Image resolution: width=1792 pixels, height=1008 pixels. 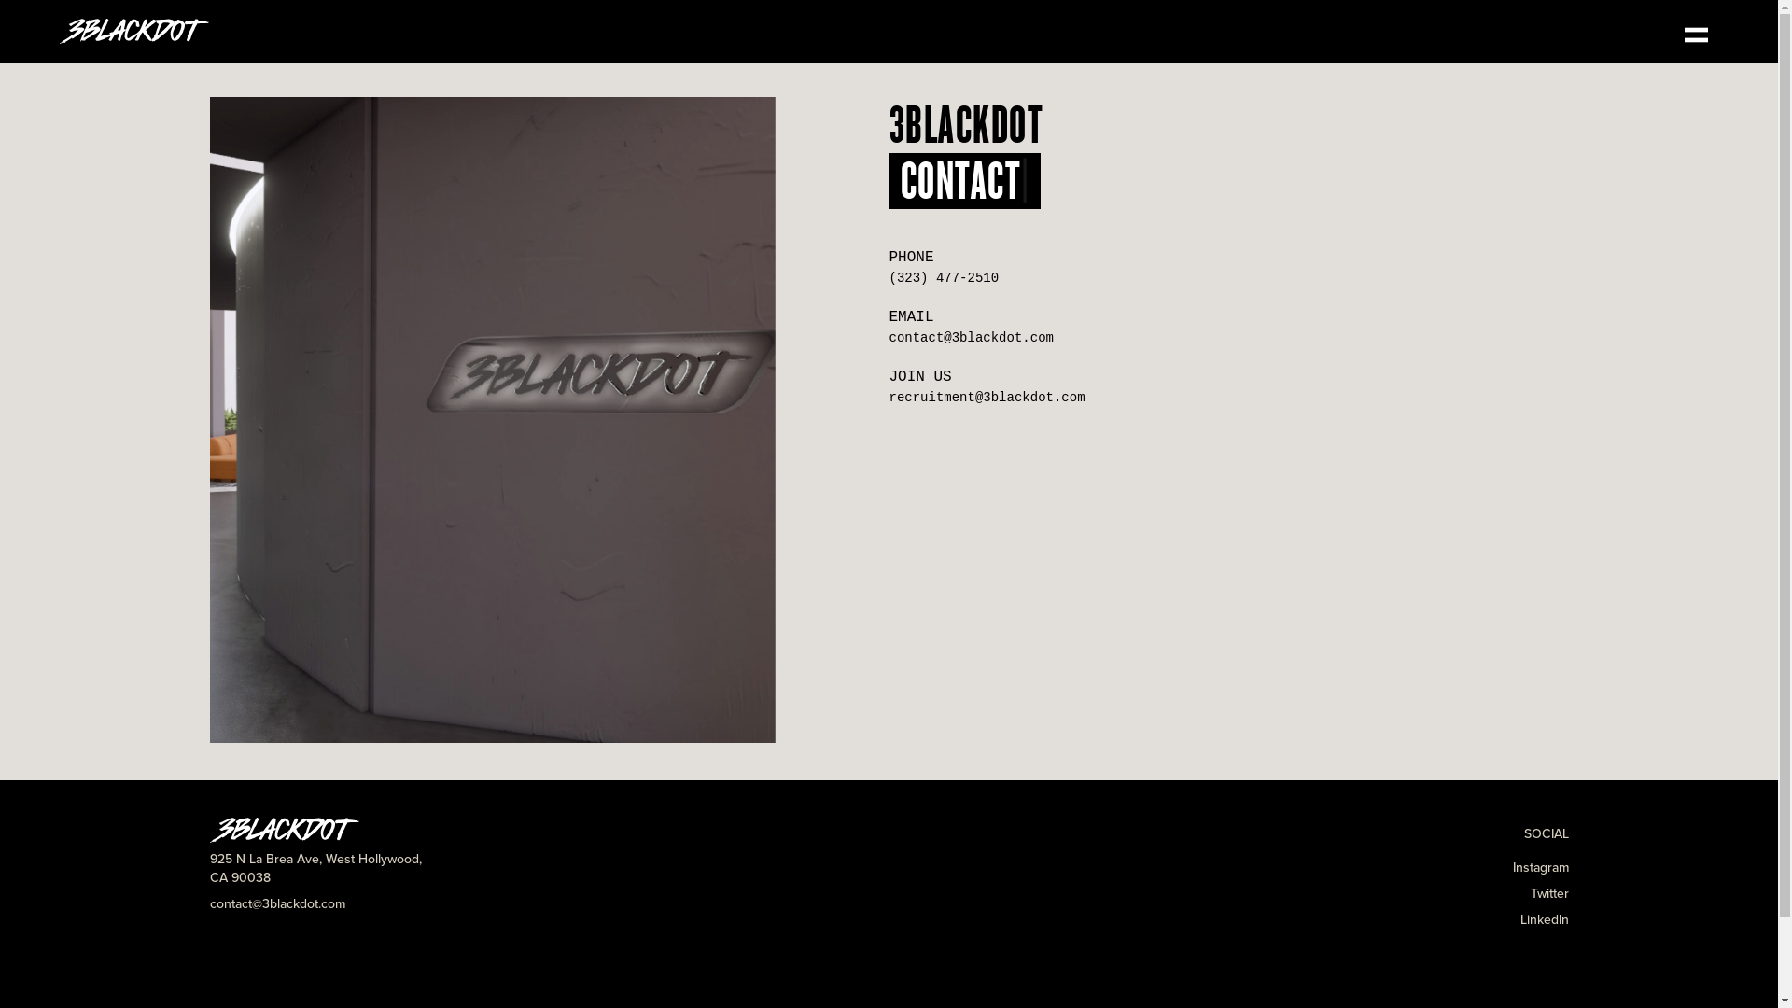 What do you see at coordinates (1544, 918) in the screenshot?
I see `'LinkedIn'` at bounding box center [1544, 918].